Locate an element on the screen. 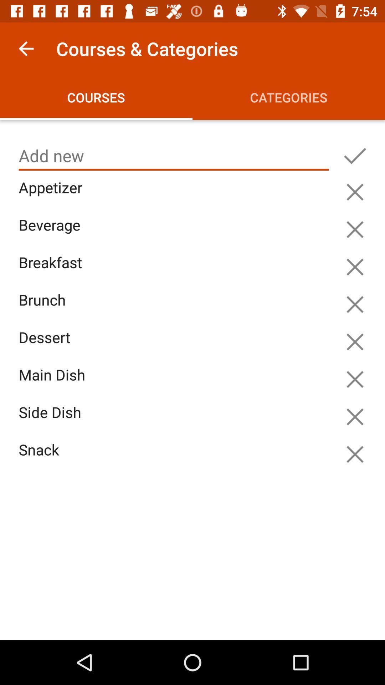  item next to courses & categories item is located at coordinates (26, 48).